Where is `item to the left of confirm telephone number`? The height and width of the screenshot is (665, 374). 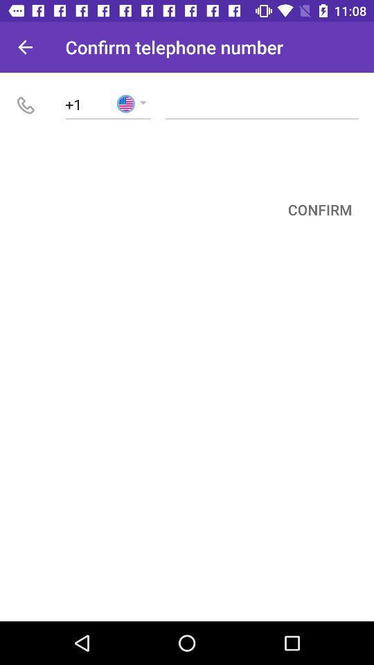 item to the left of confirm telephone number is located at coordinates (25, 47).